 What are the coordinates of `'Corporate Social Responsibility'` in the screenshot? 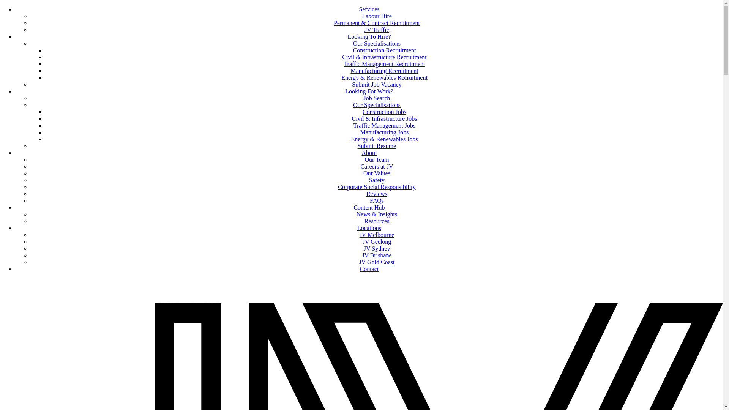 It's located at (337, 187).